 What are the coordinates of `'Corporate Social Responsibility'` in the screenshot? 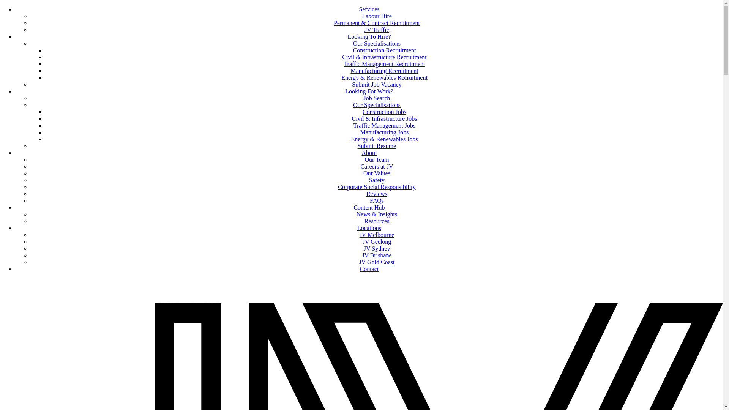 It's located at (337, 187).